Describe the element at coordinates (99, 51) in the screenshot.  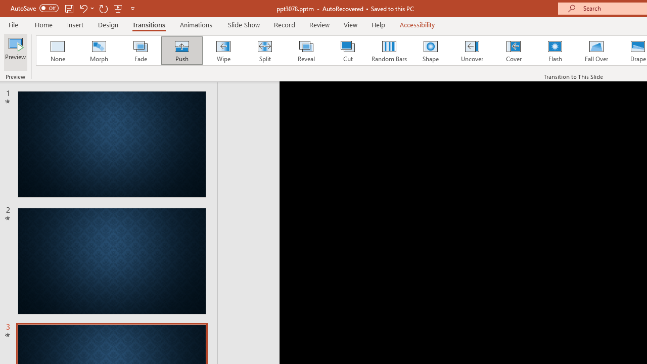
I see `'Morph'` at that location.